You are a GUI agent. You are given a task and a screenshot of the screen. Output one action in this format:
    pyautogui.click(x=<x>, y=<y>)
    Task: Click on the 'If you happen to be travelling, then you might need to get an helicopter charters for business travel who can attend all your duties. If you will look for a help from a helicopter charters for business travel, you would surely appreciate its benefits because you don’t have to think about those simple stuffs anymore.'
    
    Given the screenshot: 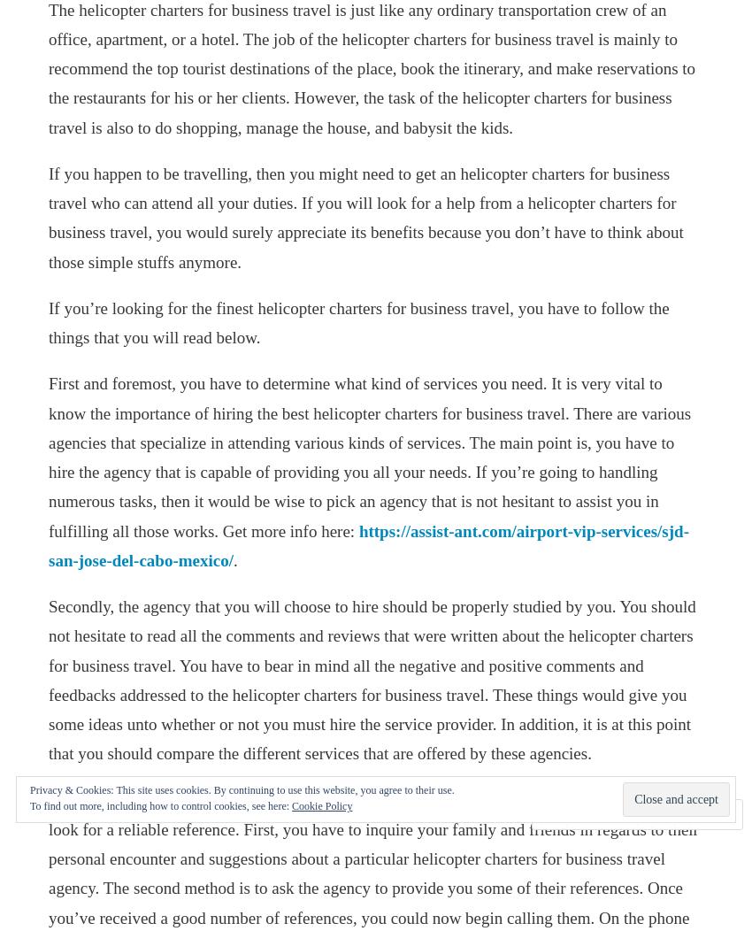 What is the action you would take?
    pyautogui.click(x=365, y=216)
    